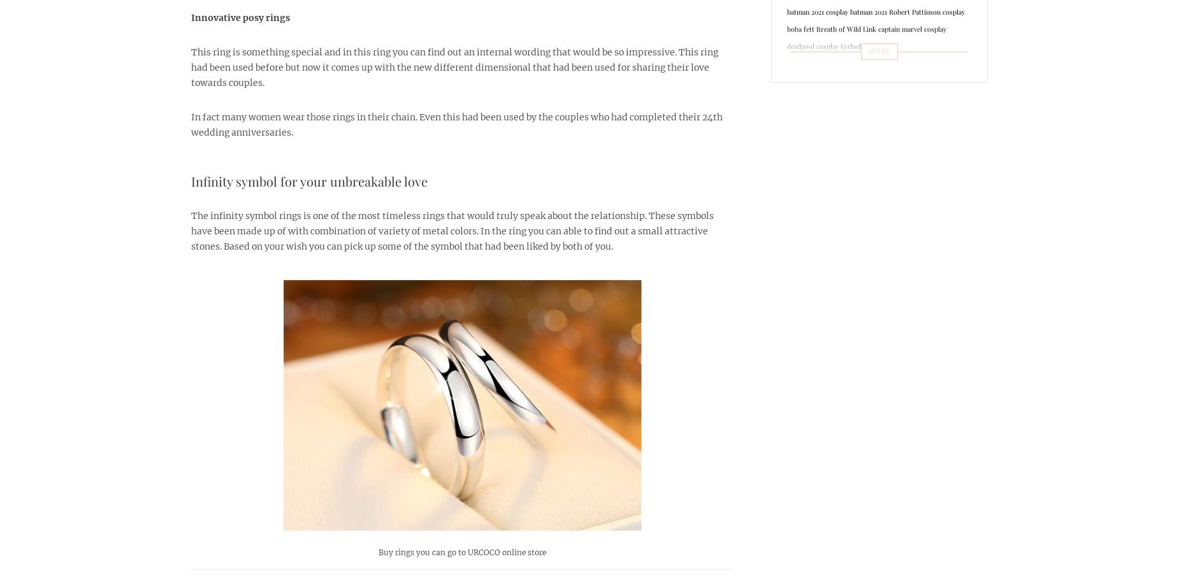  Describe the element at coordinates (873, 320) in the screenshot. I see `'Thor 4 Love and Thunder'` at that location.